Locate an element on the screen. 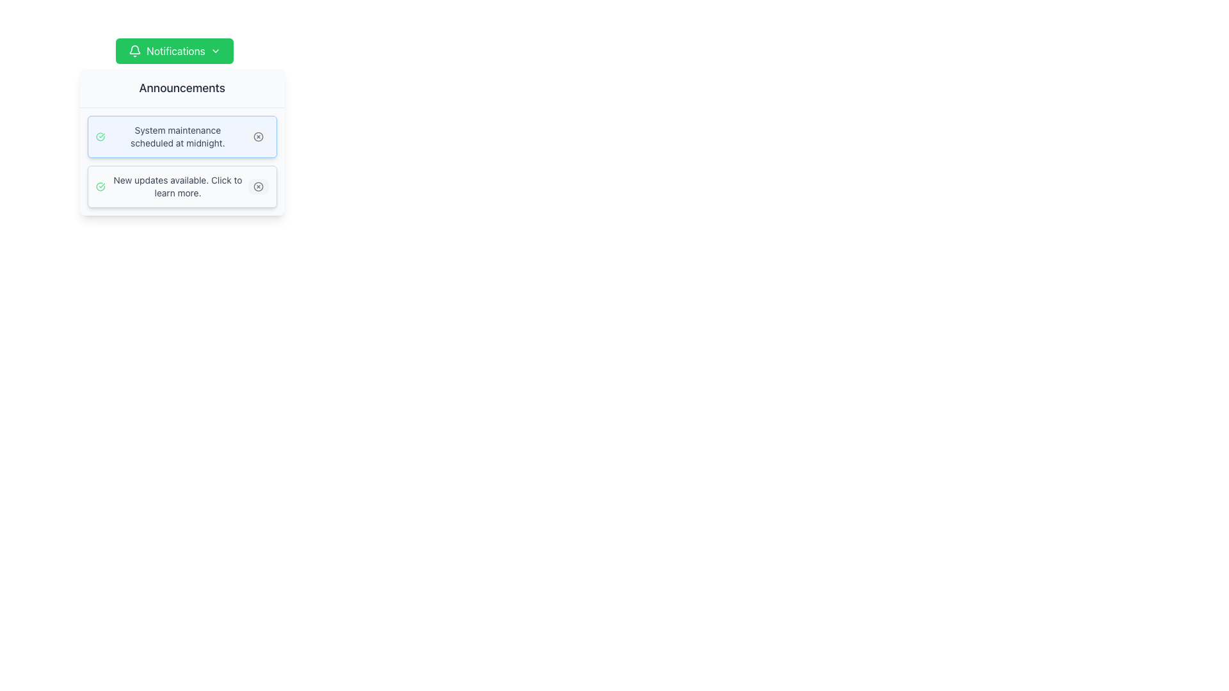 This screenshot has width=1229, height=691. the circular icon with a thin border located inside the second notification item of the 'Announcements' panel is located at coordinates (257, 187).